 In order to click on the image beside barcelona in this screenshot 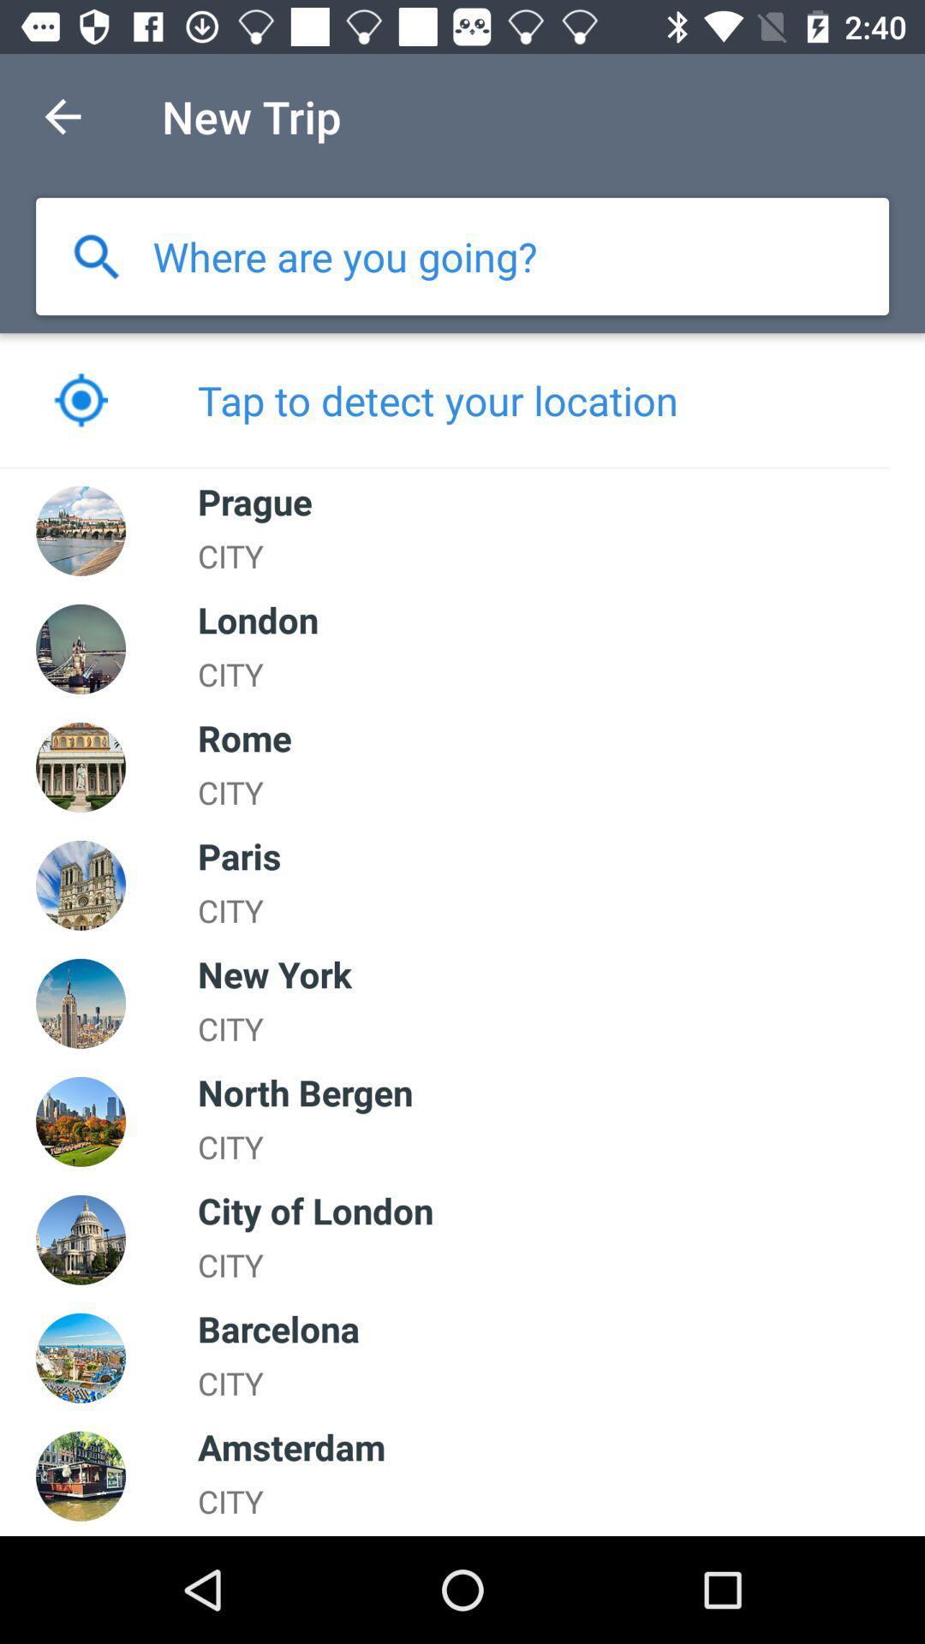, I will do `click(81, 1357)`.